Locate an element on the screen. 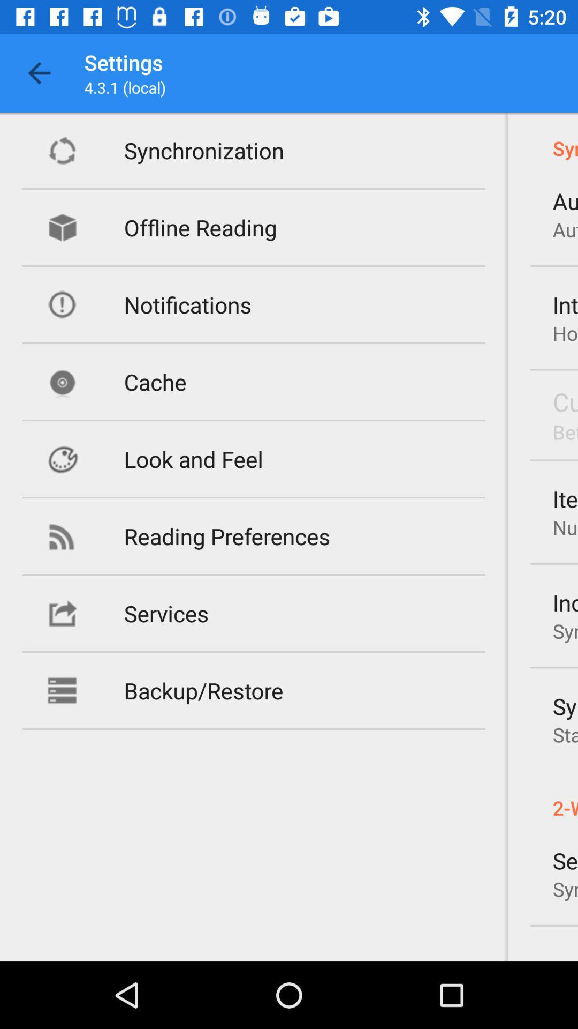 This screenshot has width=578, height=1029. the item to the right of offline reading item is located at coordinates (565, 229).